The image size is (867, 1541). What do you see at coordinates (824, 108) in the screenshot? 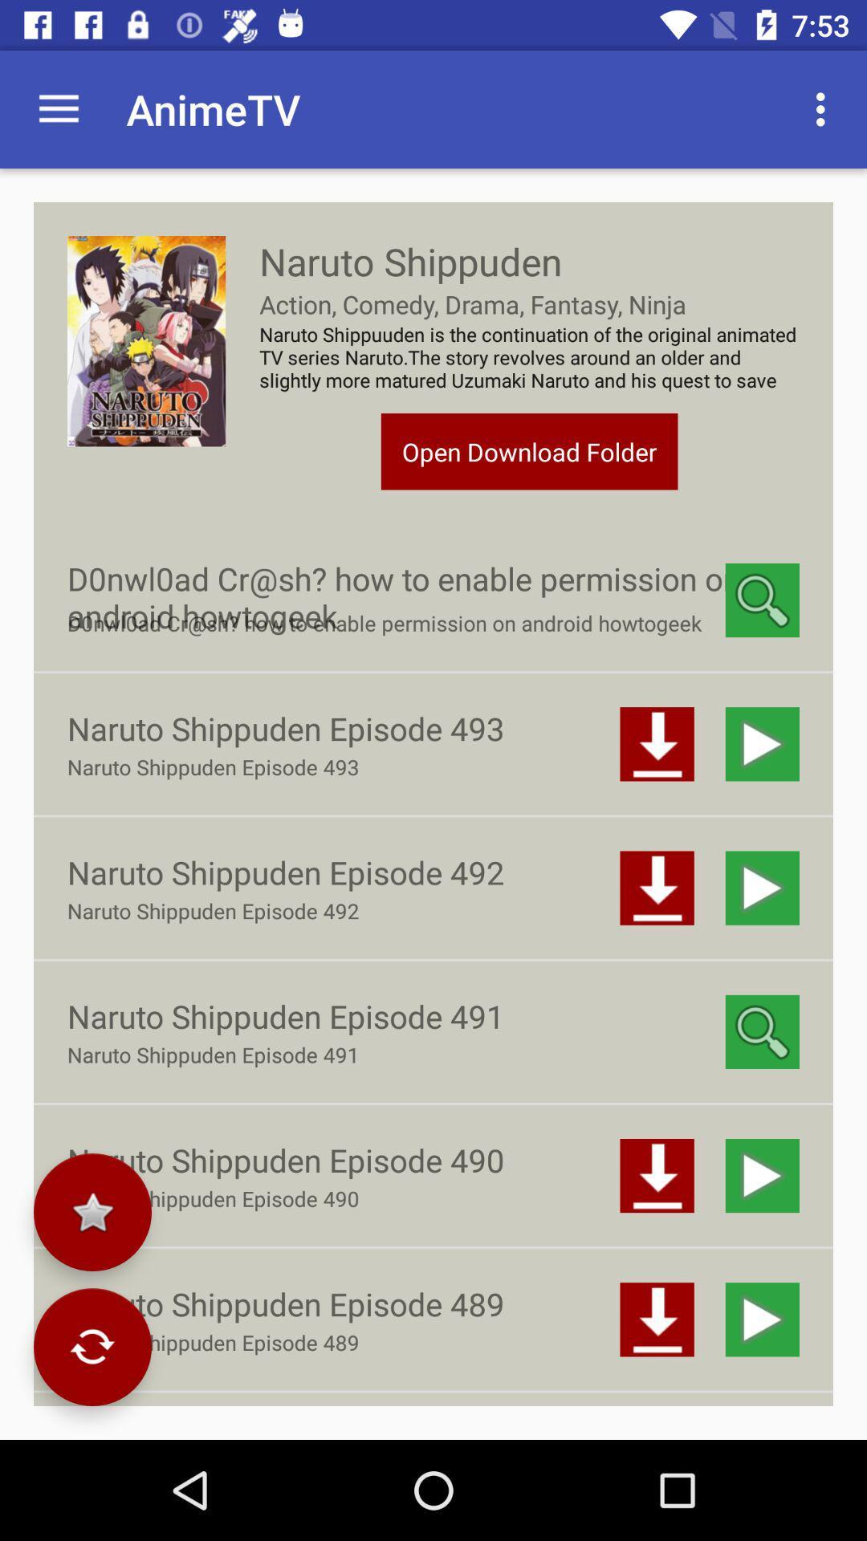
I see `the app to the right of animetv` at bounding box center [824, 108].